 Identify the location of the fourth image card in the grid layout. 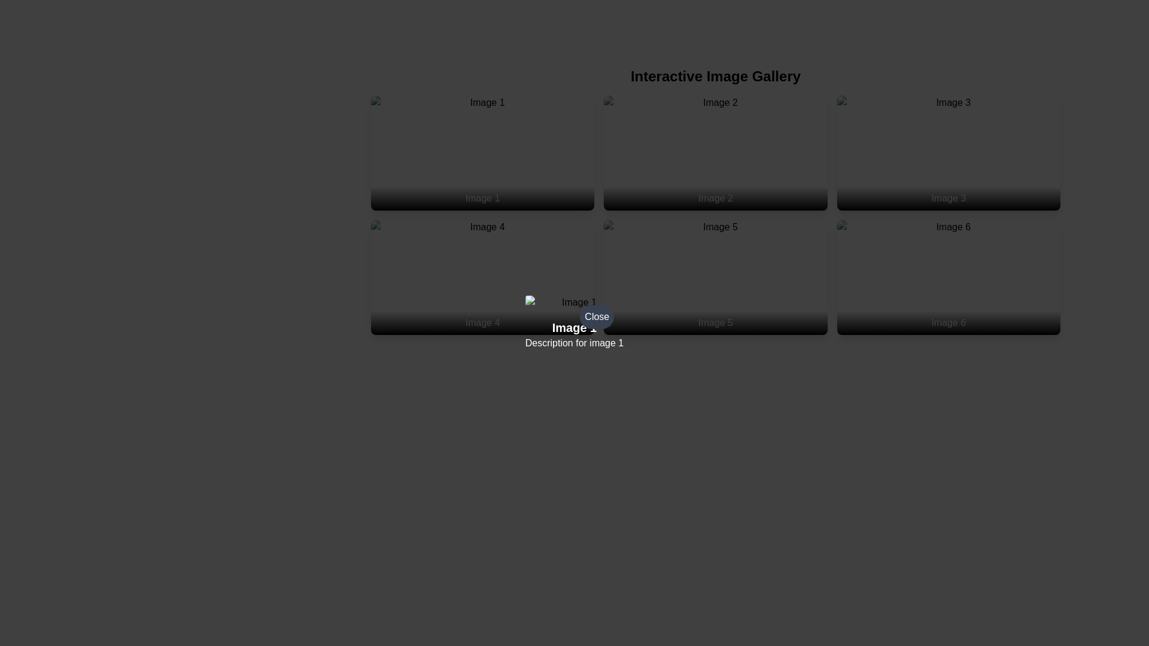
(482, 277).